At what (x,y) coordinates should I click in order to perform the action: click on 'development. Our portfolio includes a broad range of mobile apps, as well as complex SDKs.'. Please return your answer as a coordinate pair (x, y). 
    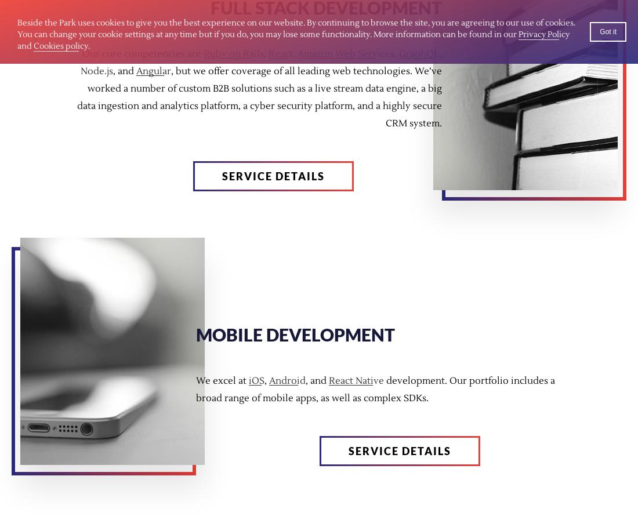
    Looking at the image, I should click on (375, 389).